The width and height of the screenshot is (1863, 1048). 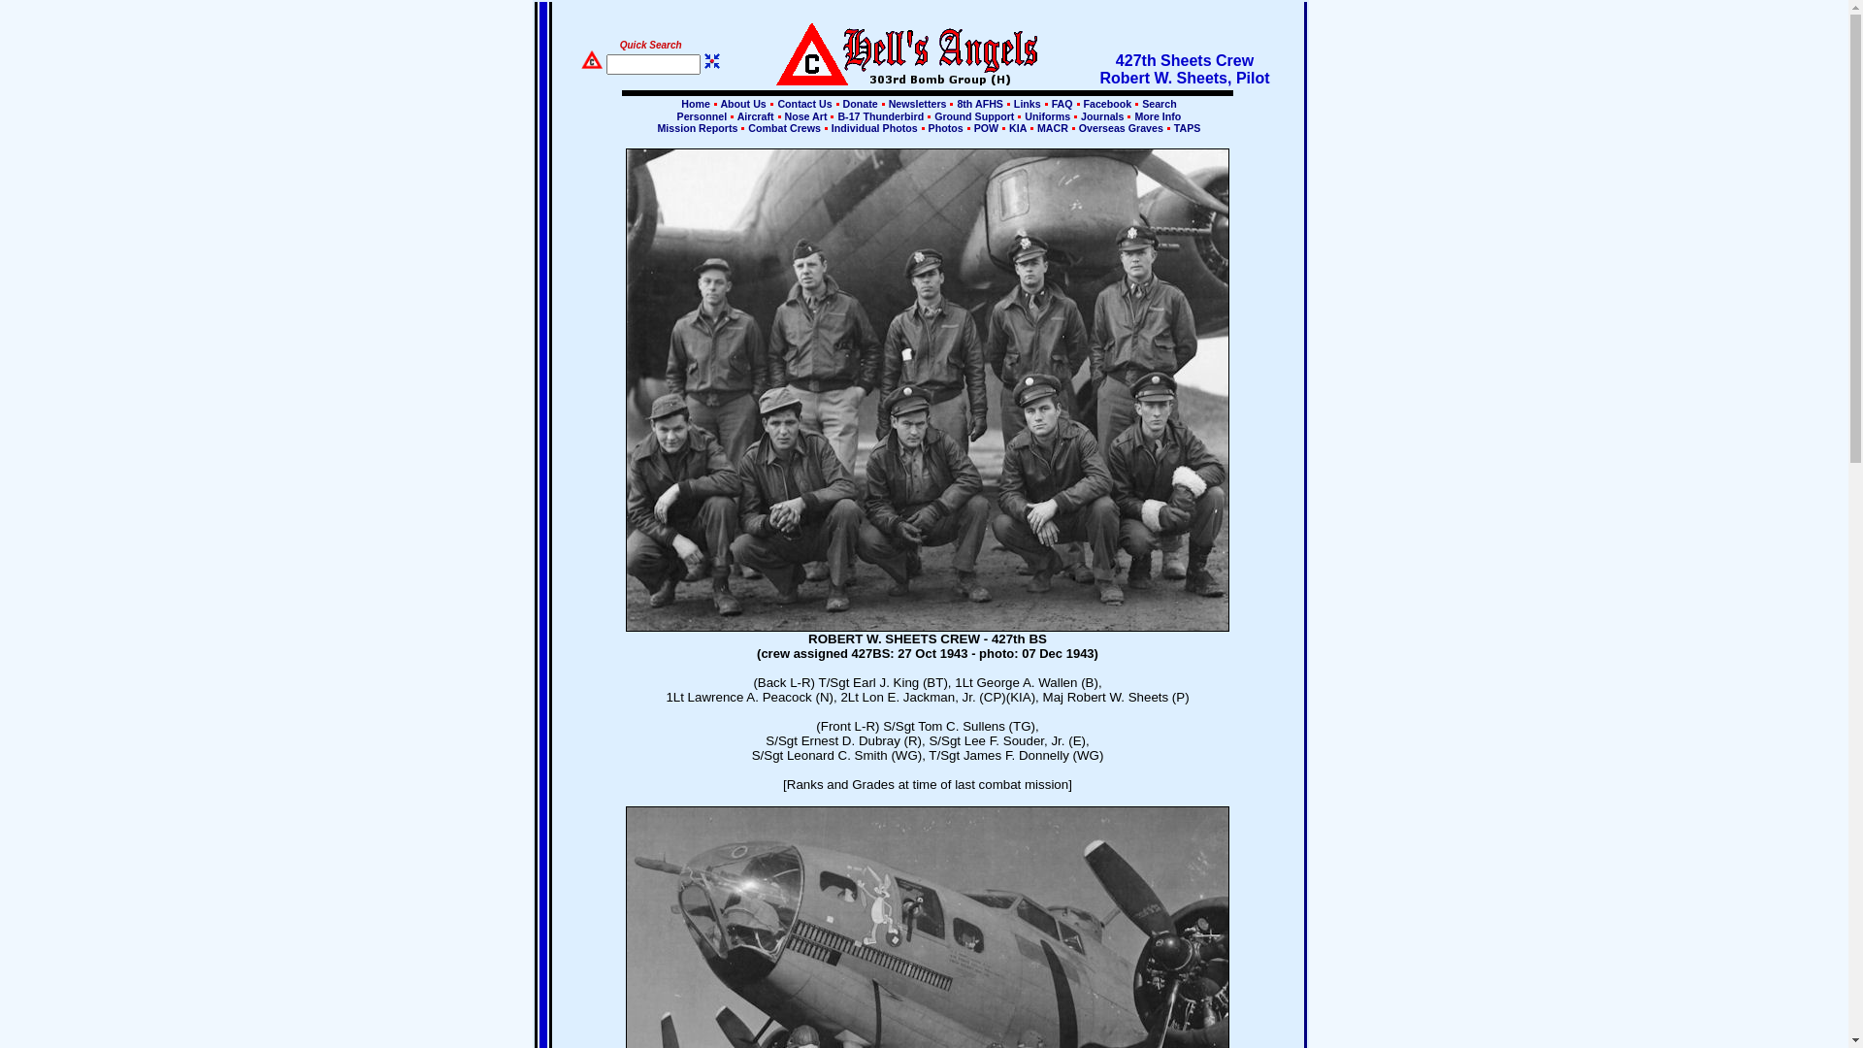 I want to click on 'Nose Art', so click(x=782, y=115).